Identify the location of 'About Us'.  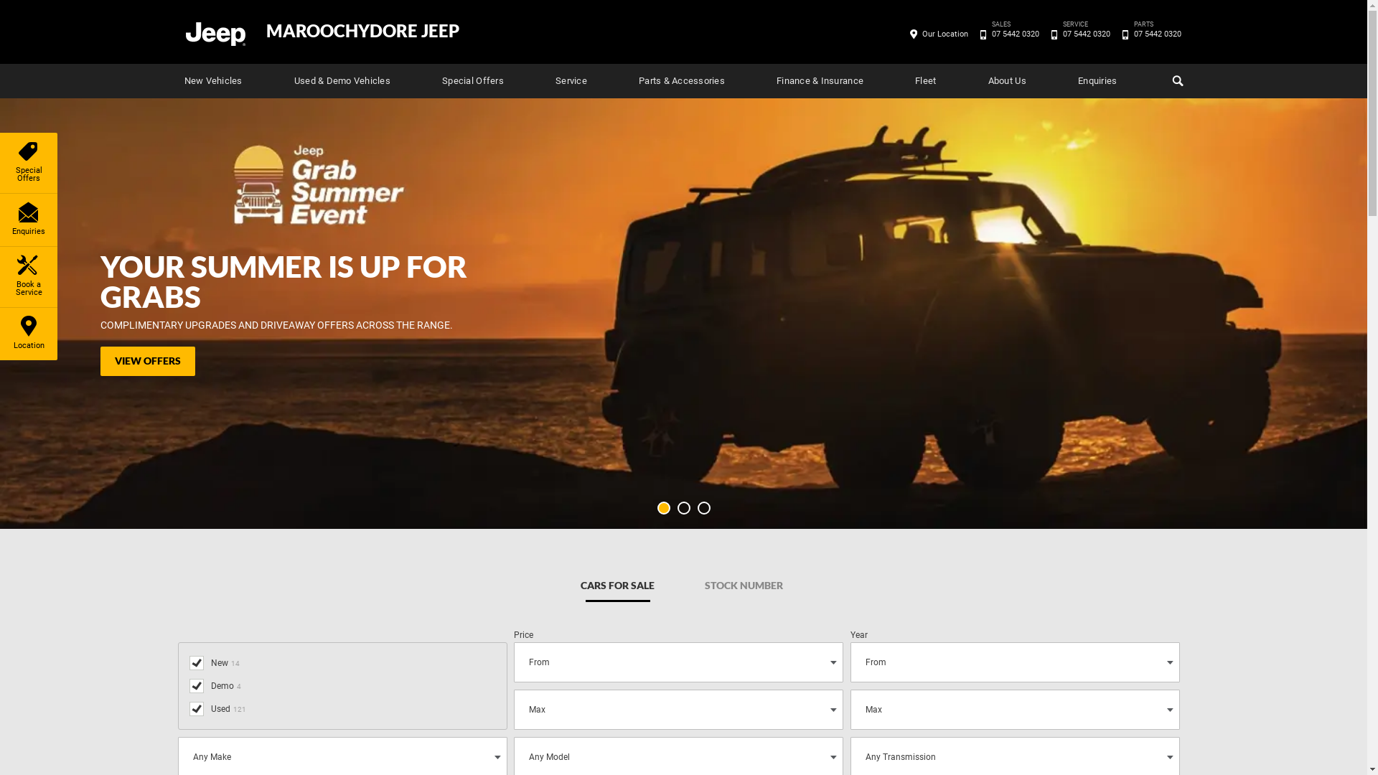
(1006, 80).